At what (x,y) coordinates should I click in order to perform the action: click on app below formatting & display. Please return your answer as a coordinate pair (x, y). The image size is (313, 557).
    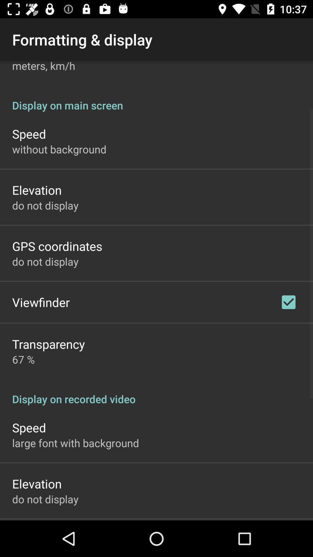
    Looking at the image, I should click on (43, 67).